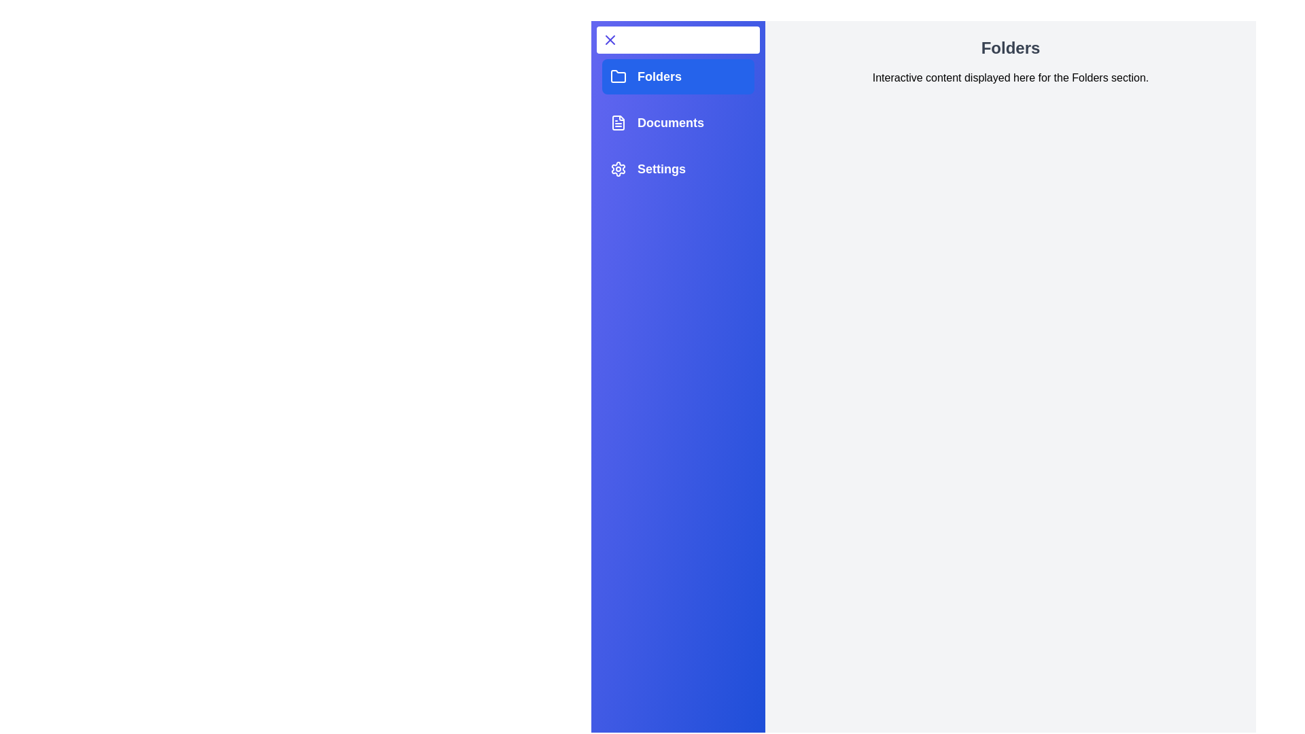 Image resolution: width=1305 pixels, height=734 pixels. Describe the element at coordinates (678, 39) in the screenshot. I see `toggle button to toggle the drawer open or closed` at that location.